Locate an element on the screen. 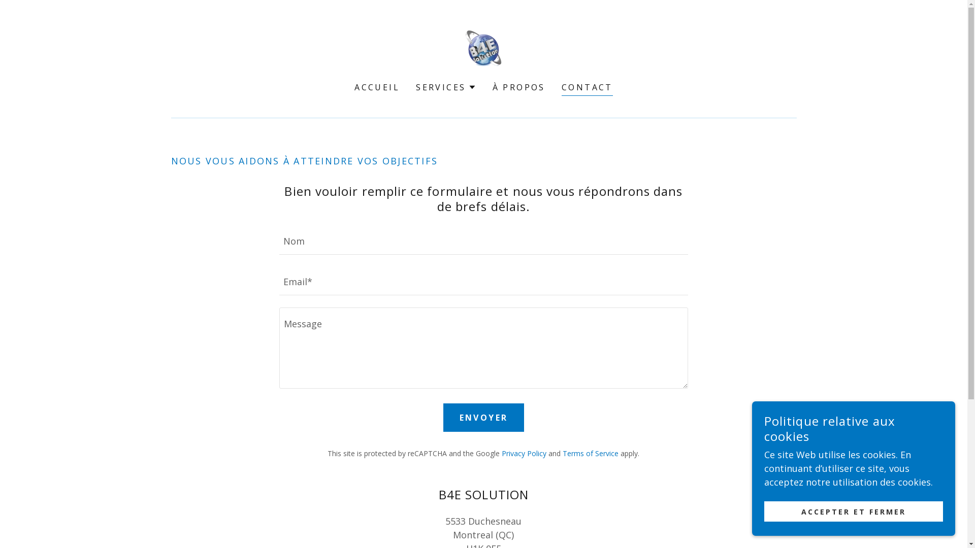 The image size is (975, 548). 'CONTACT' is located at coordinates (587, 88).